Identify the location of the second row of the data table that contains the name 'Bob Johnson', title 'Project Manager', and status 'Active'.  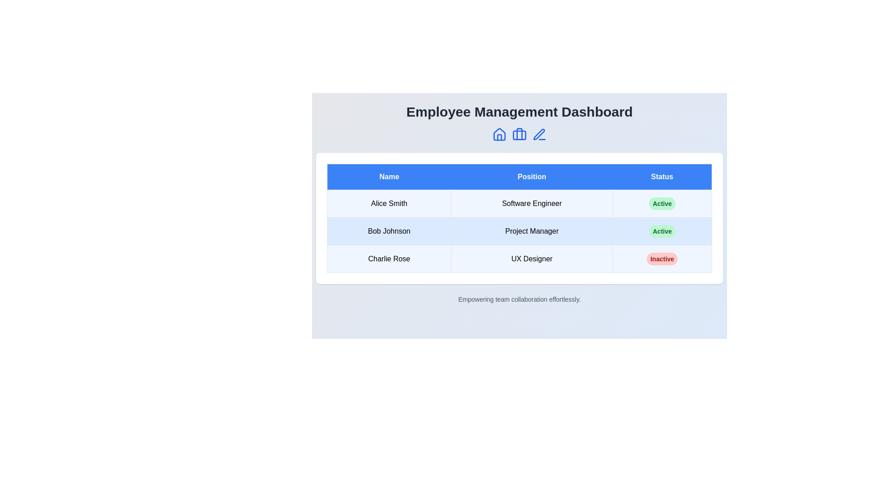
(519, 230).